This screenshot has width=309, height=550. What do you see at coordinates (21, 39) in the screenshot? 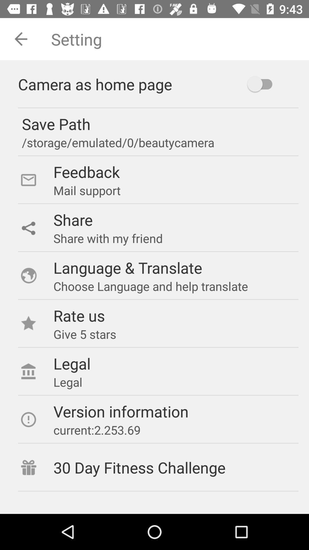
I see `the arrow_backward icon` at bounding box center [21, 39].